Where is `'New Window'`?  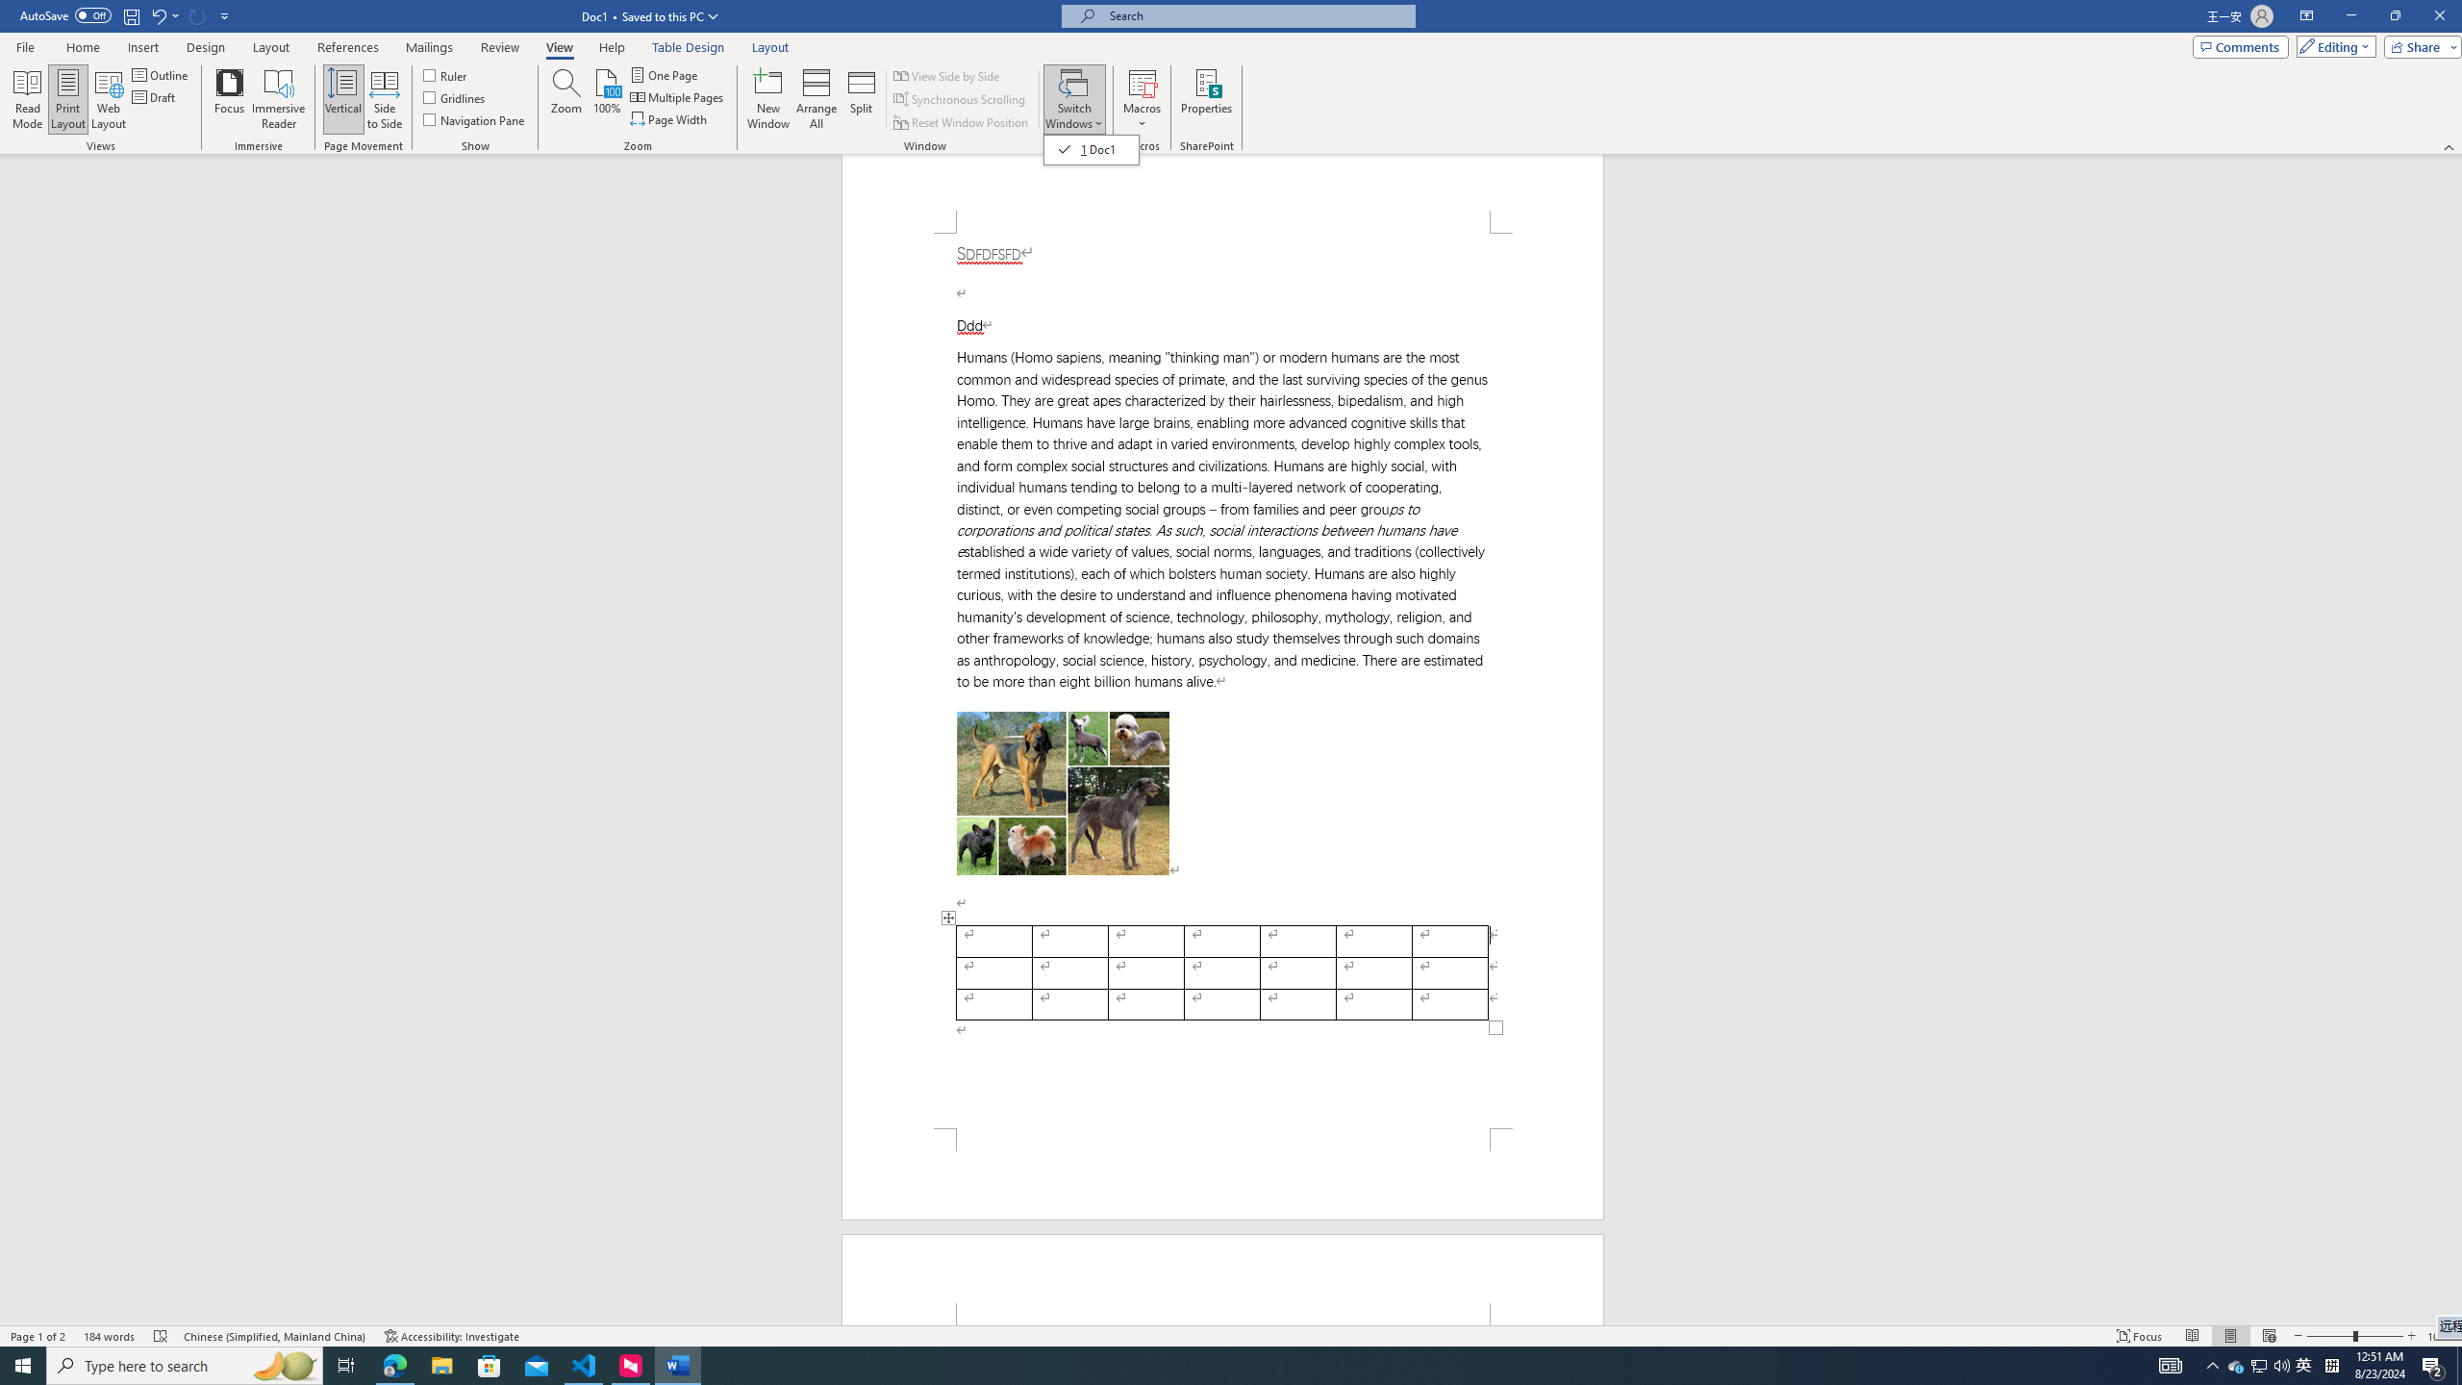
'New Window' is located at coordinates (768, 99).